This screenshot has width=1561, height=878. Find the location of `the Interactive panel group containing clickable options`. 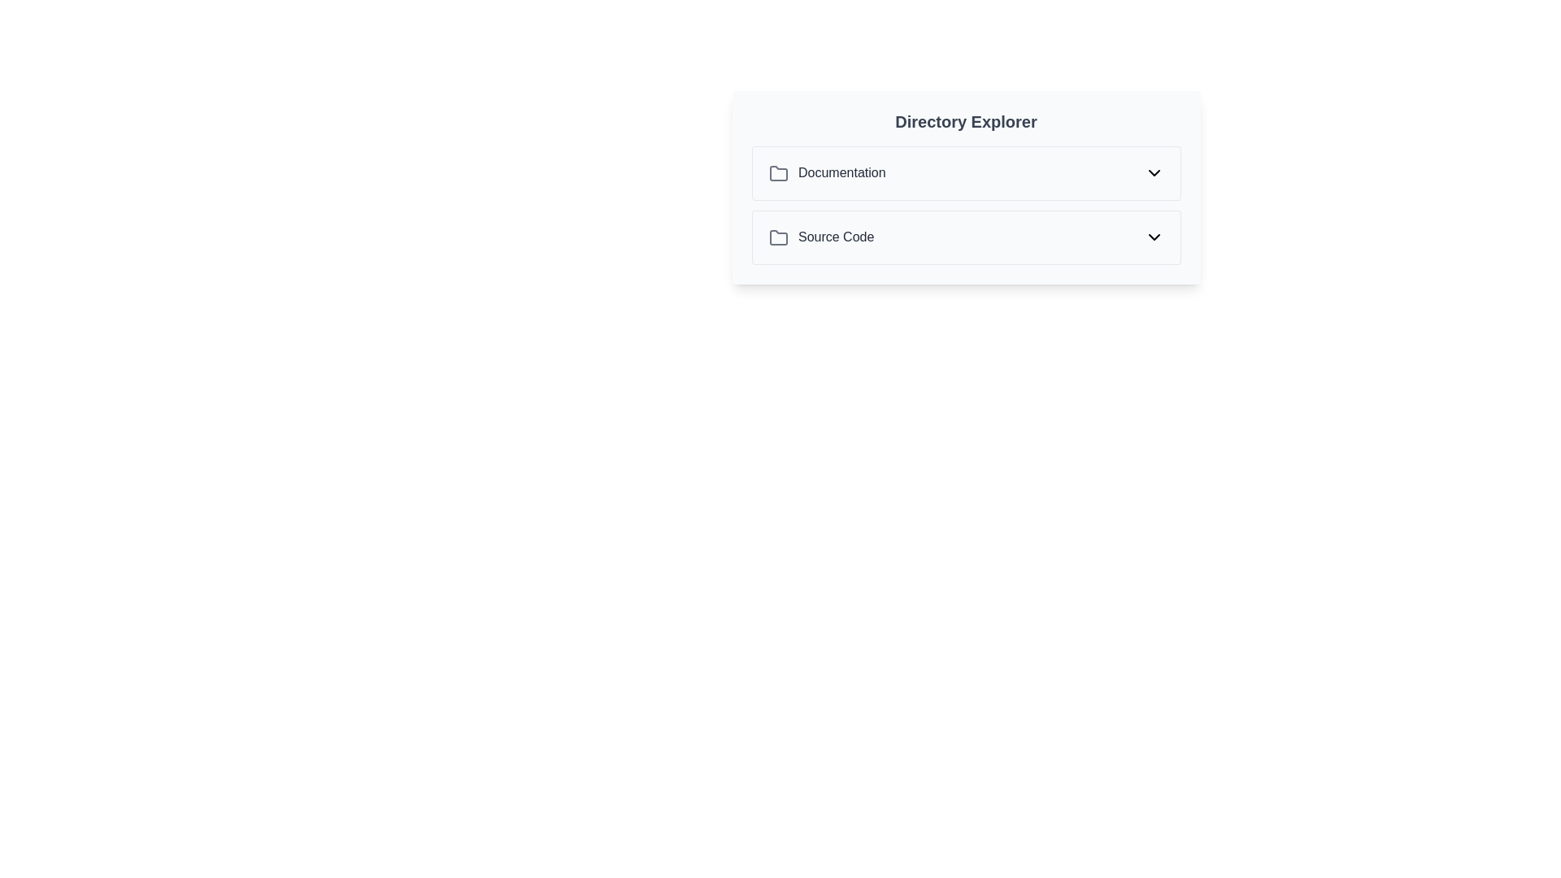

the Interactive panel group containing clickable options is located at coordinates (966, 186).